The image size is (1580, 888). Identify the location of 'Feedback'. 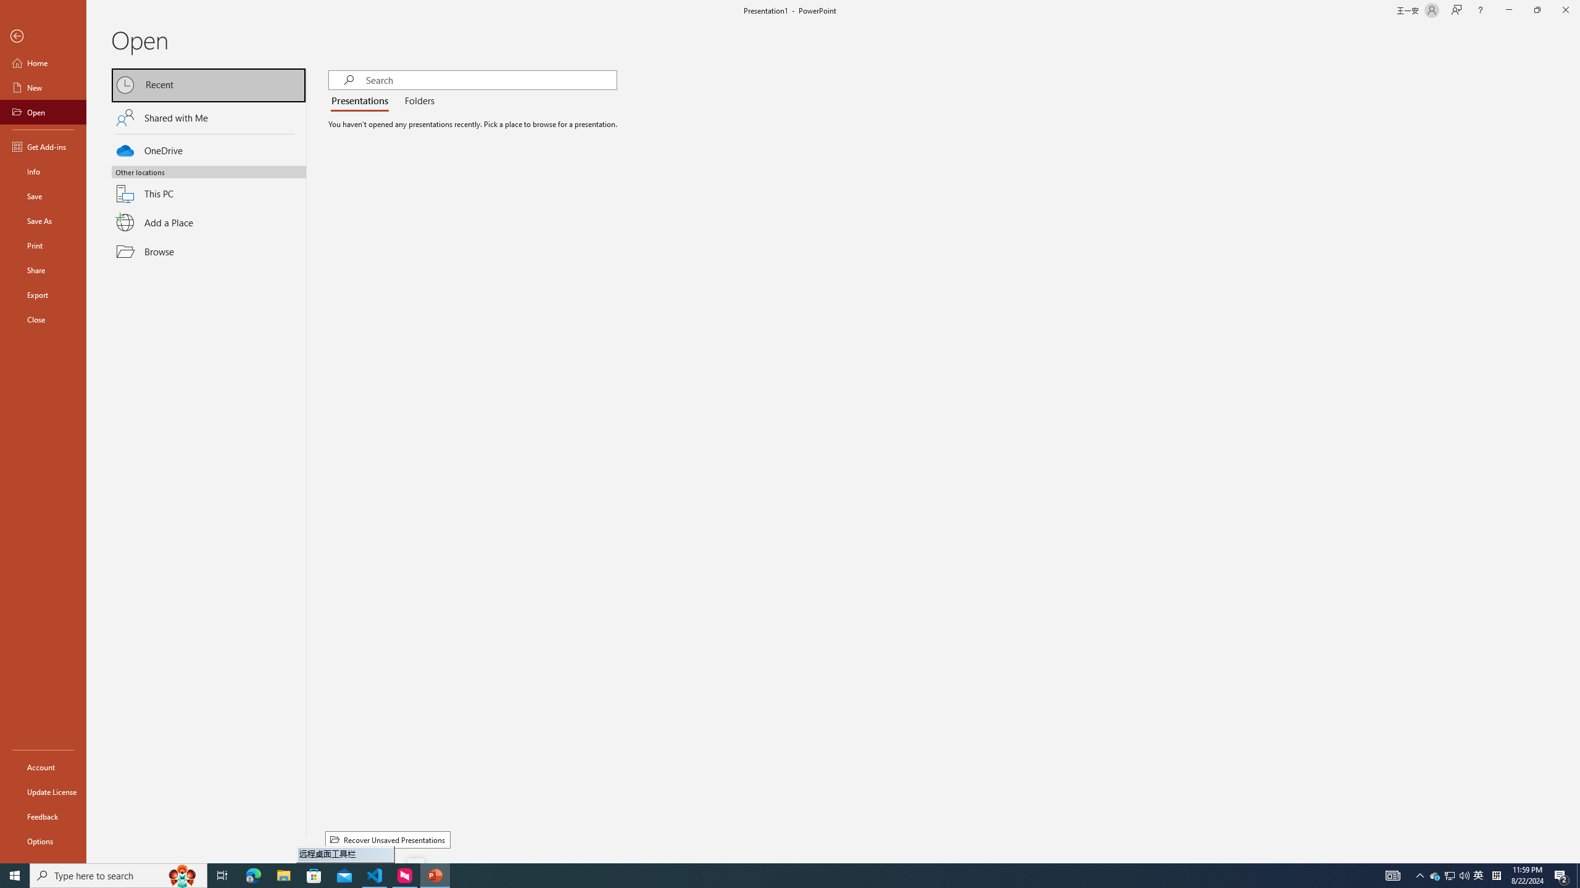
(43, 816).